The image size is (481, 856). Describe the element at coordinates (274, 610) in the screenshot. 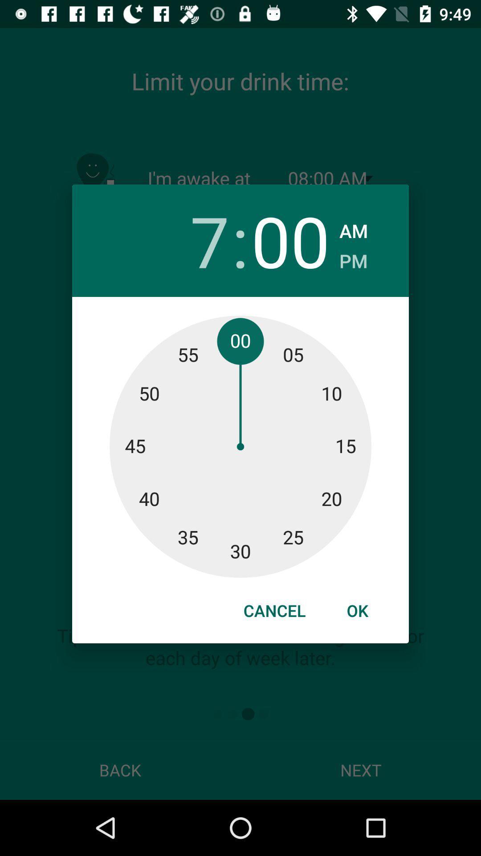

I see `the item next to the ok item` at that location.